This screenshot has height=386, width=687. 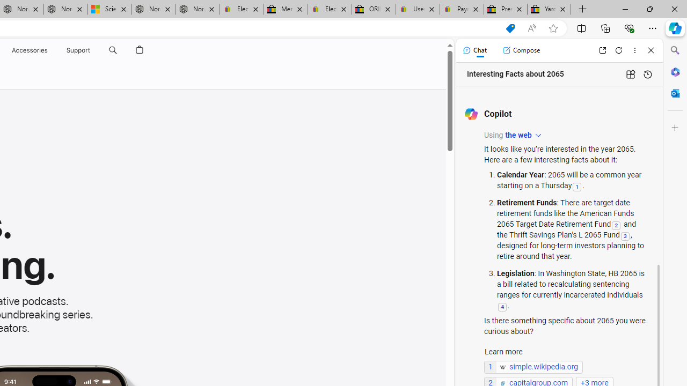 I want to click on 'Class: globalnav-item globalnav-search shift-0-1', so click(x=113, y=50).